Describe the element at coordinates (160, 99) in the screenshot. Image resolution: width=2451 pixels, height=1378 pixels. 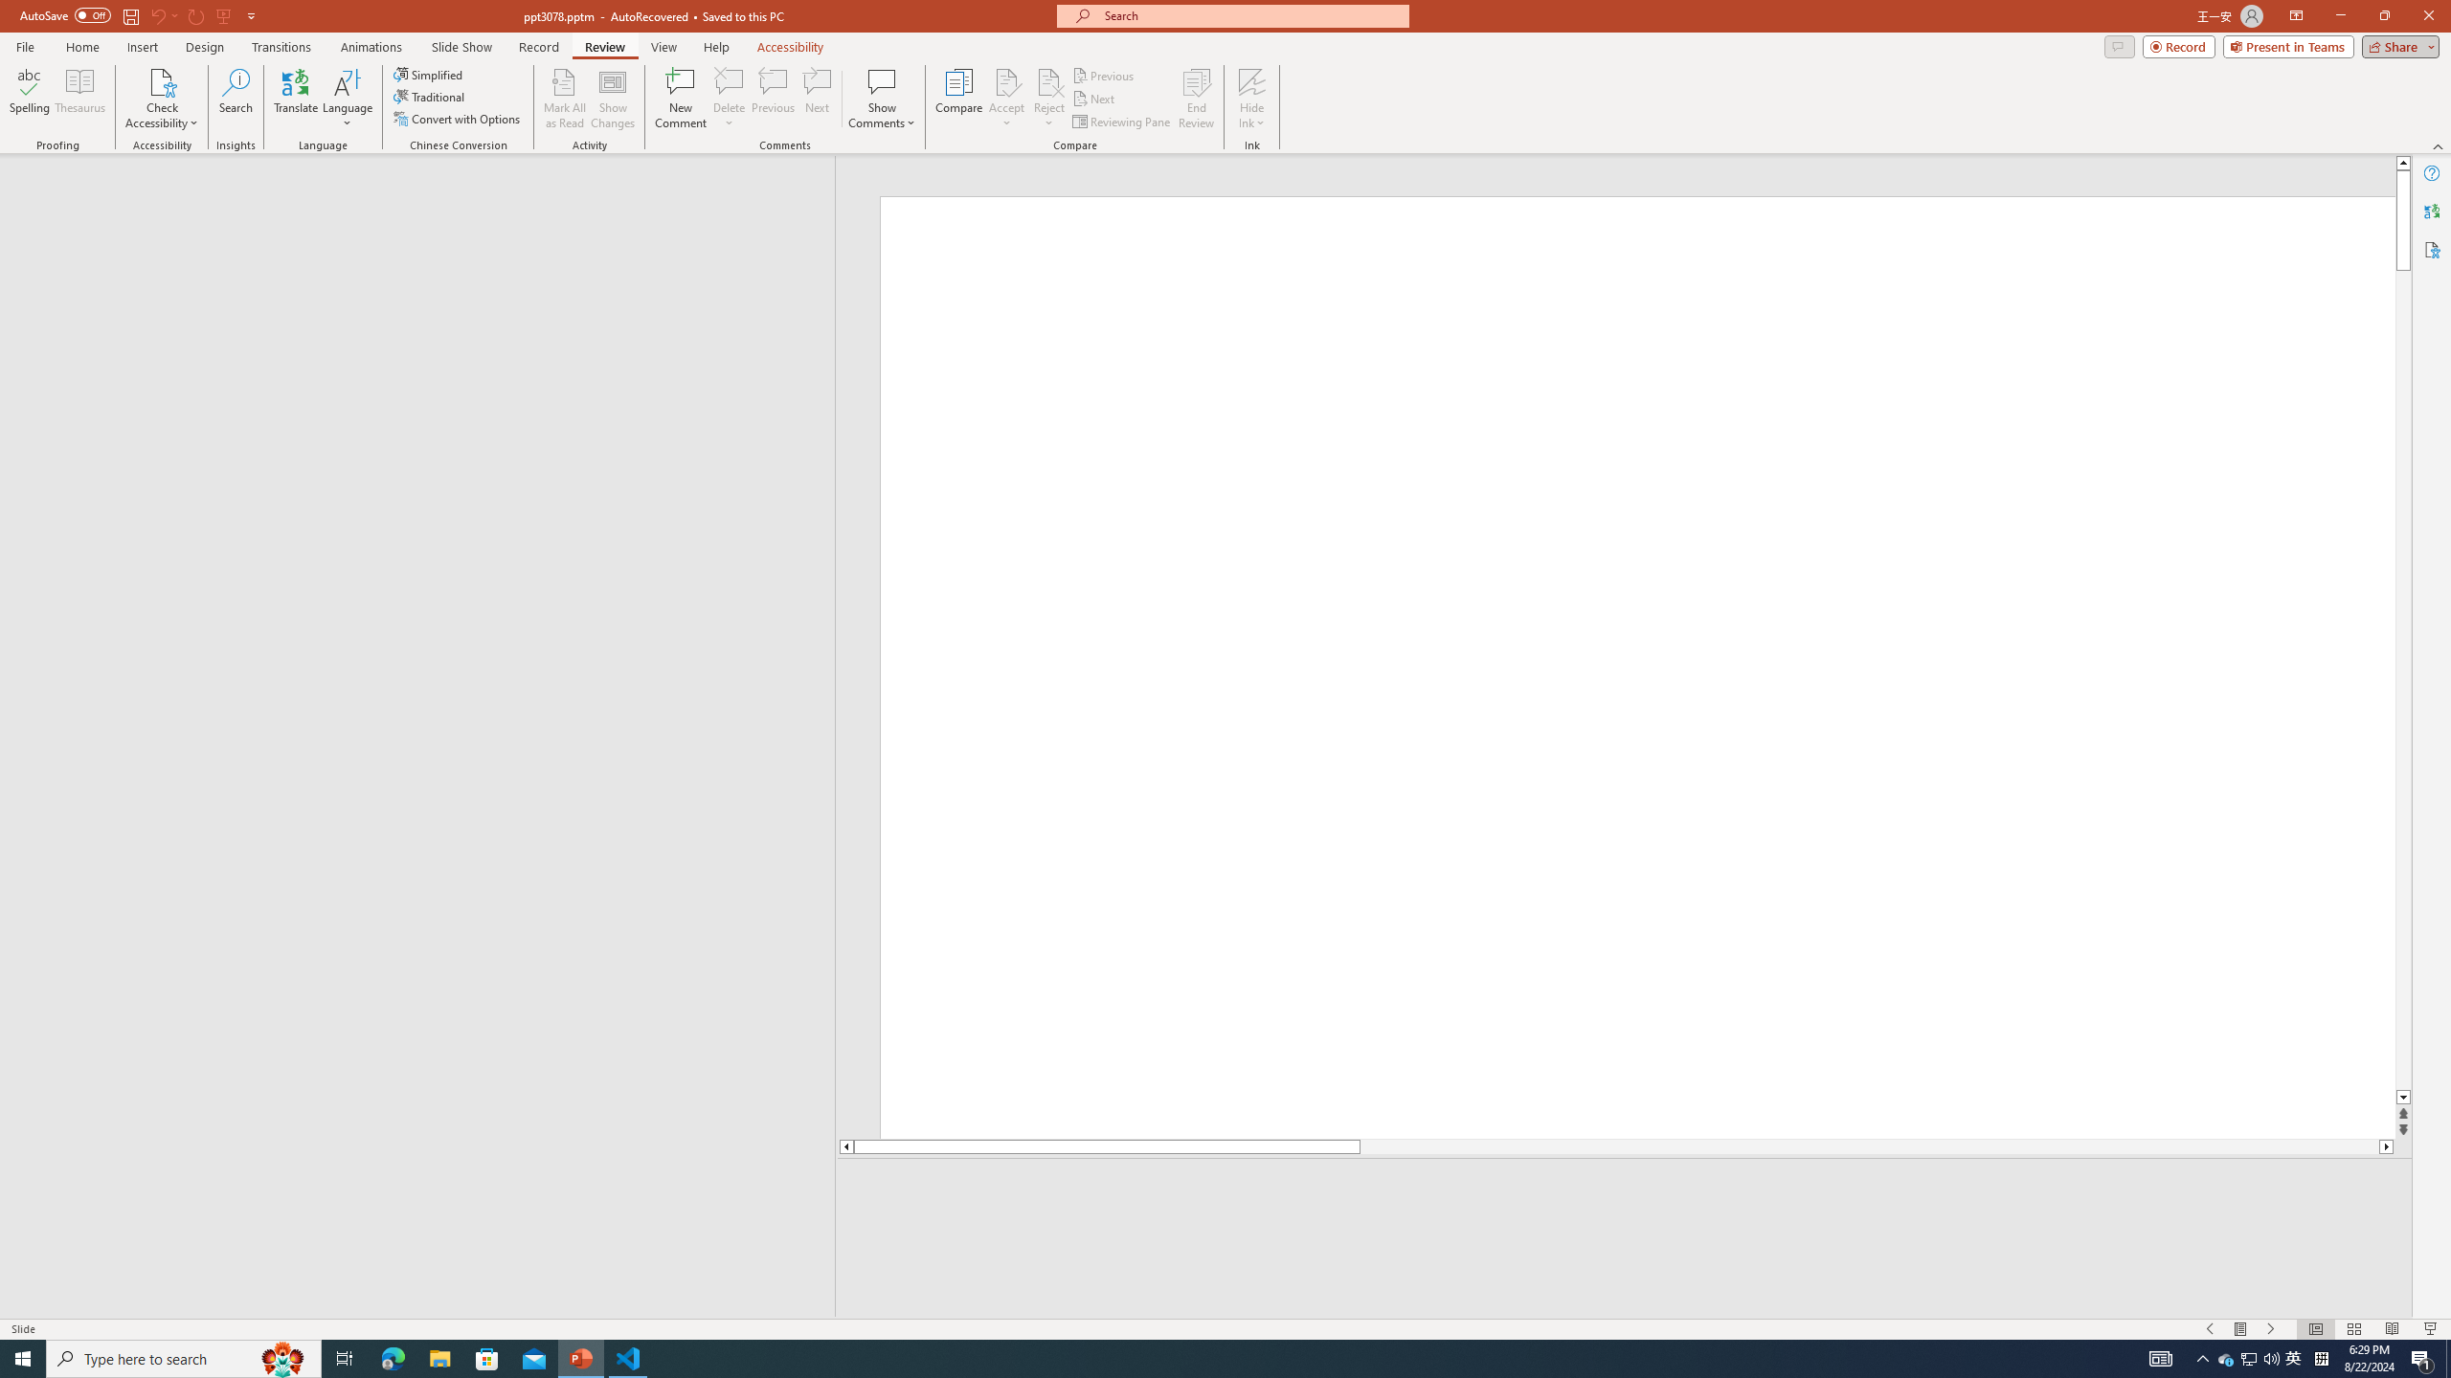
I see `'Check Accessibility'` at that location.